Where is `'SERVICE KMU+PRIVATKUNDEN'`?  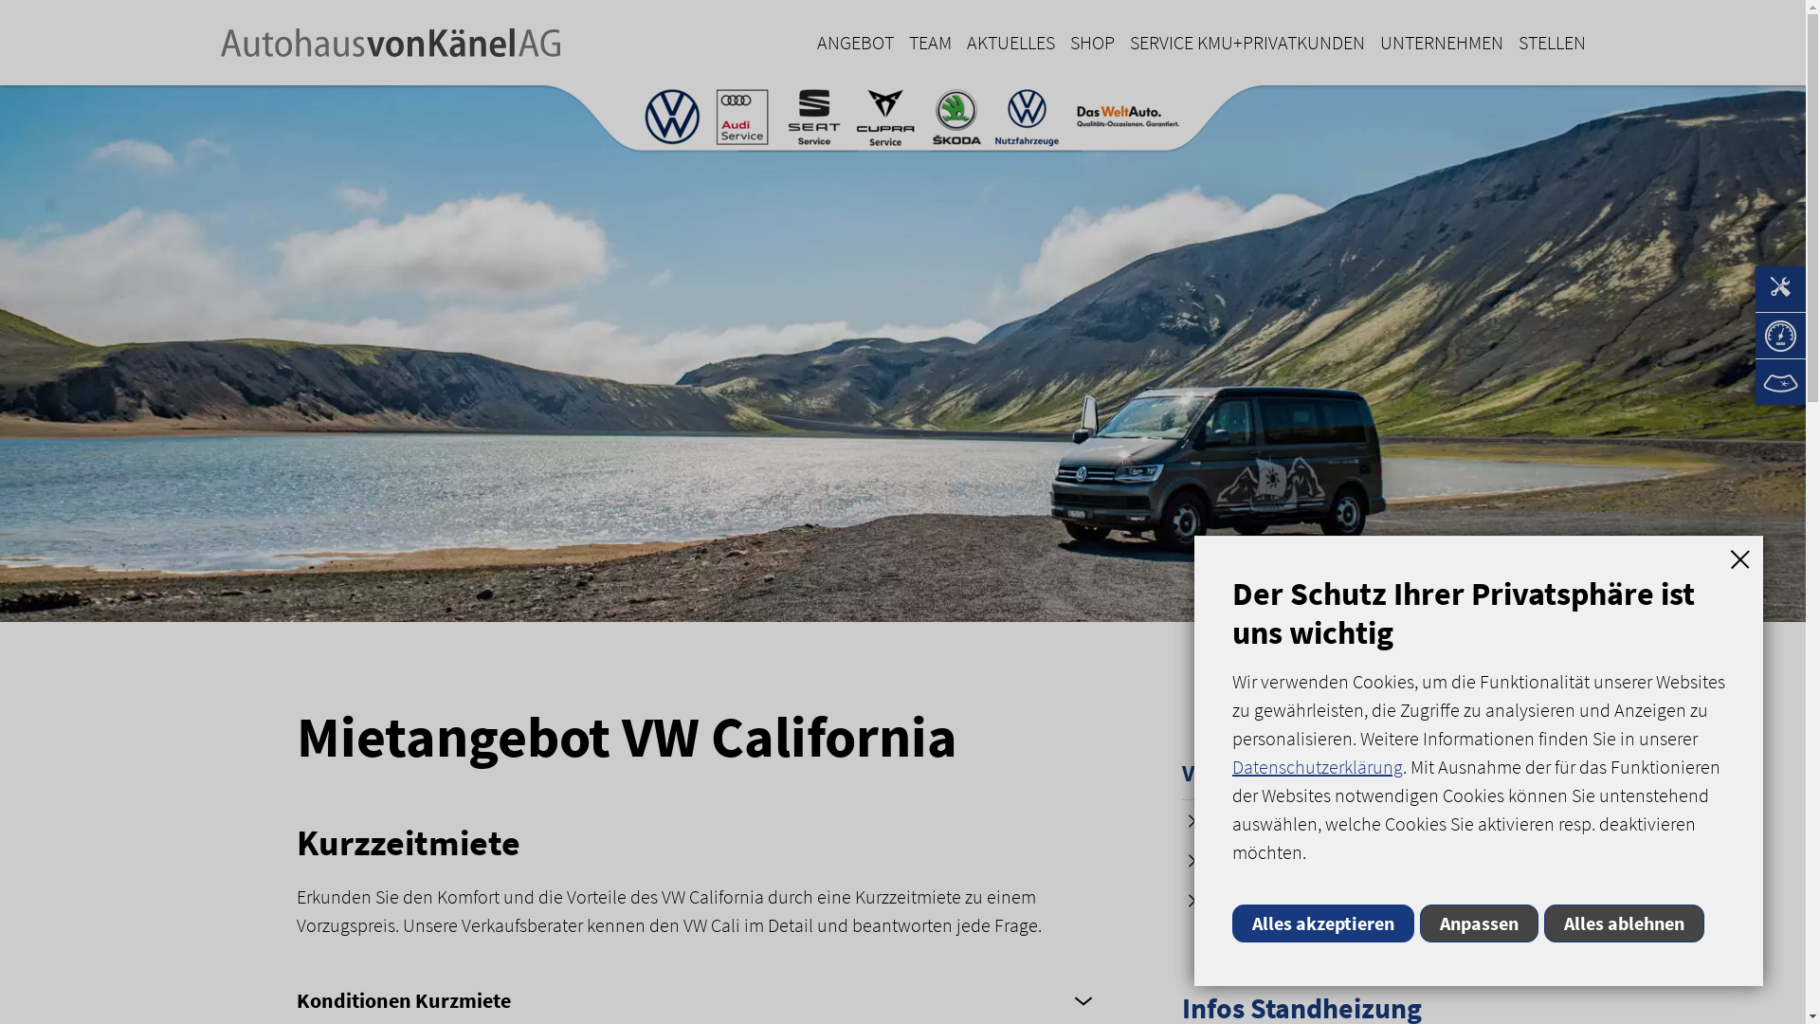 'SERVICE KMU+PRIVATKUNDEN' is located at coordinates (1122, 43).